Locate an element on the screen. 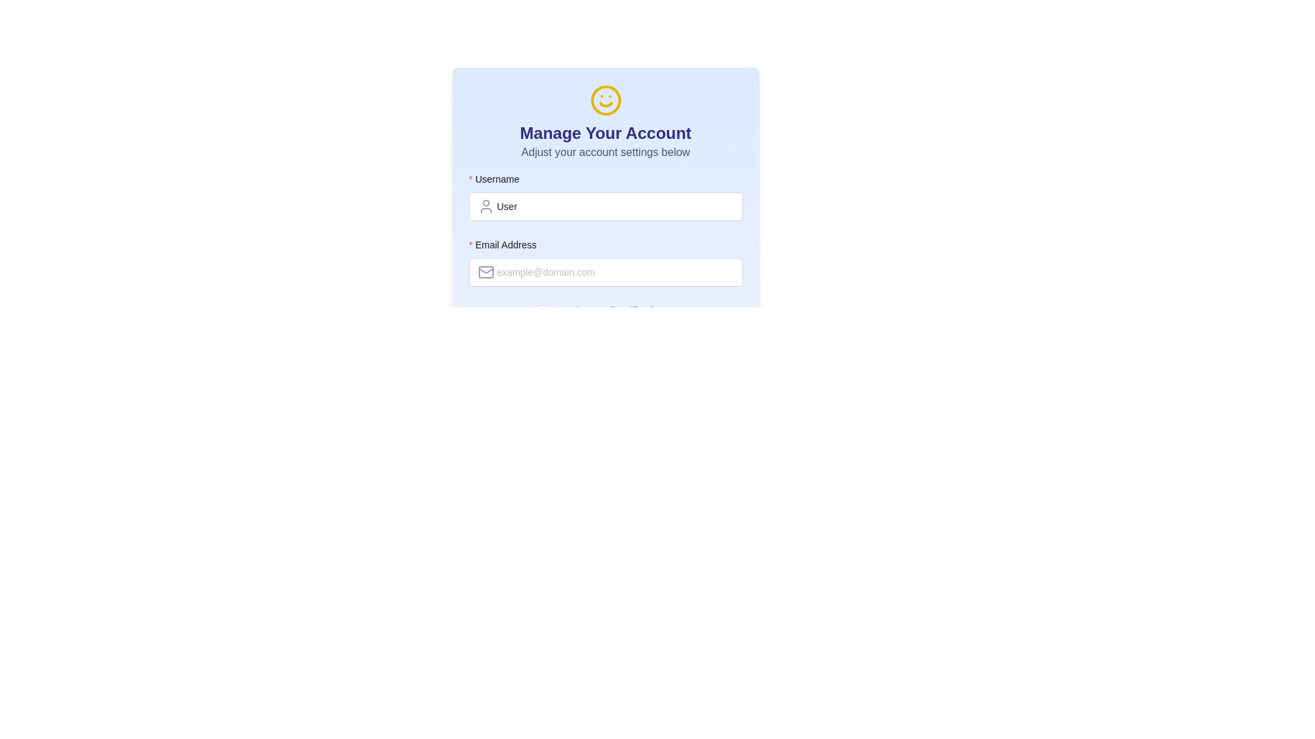  the username text input field located directly below the form's heading in the 'Manage Your Account' form to focus on it is located at coordinates (605, 196).